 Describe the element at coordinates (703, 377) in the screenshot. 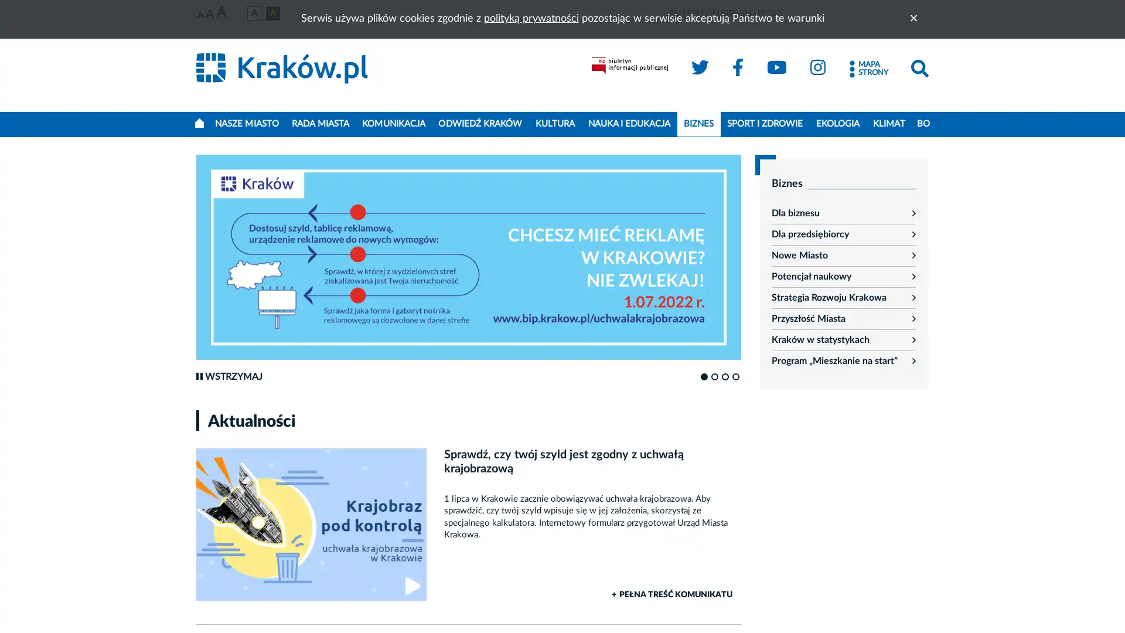

I see `Go to slide 1` at that location.